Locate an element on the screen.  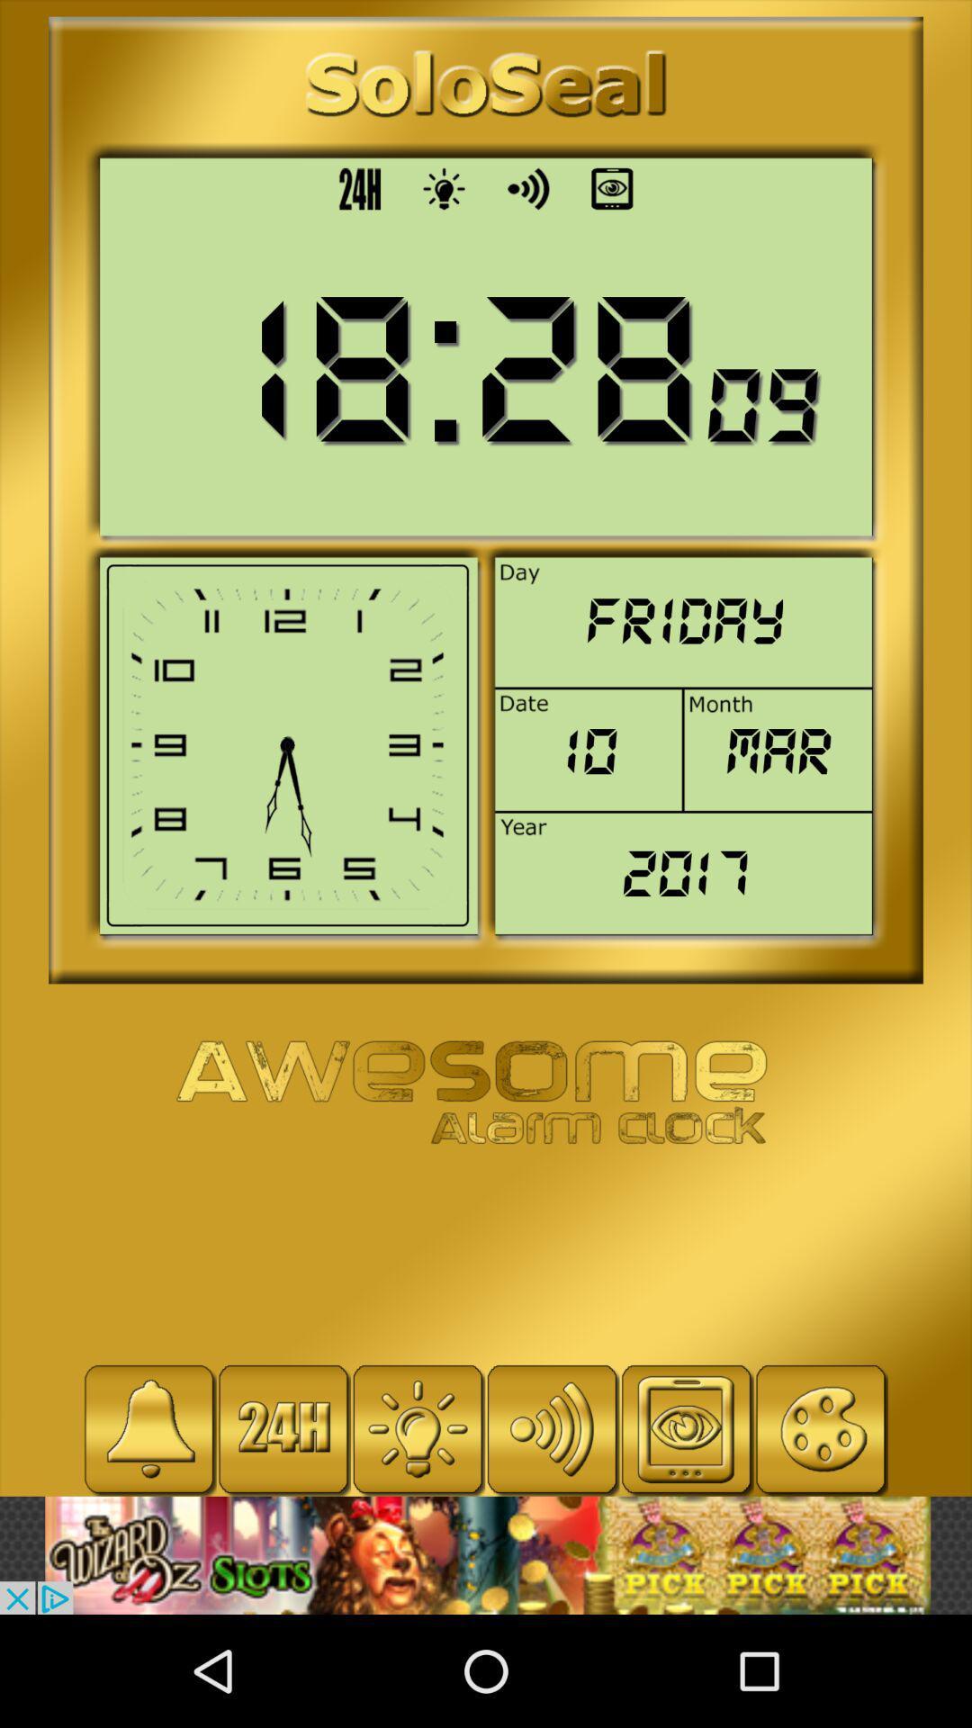
visit wifi is located at coordinates (551, 1428).